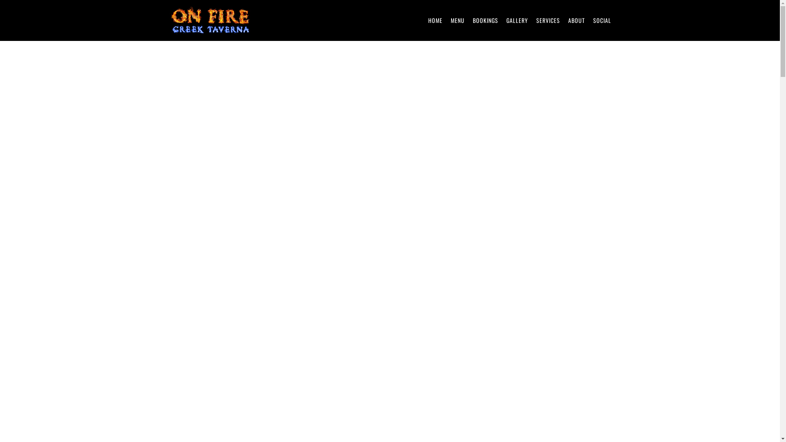 The height and width of the screenshot is (442, 786). Describe the element at coordinates (567, 20) in the screenshot. I see `'ABOUT'` at that location.